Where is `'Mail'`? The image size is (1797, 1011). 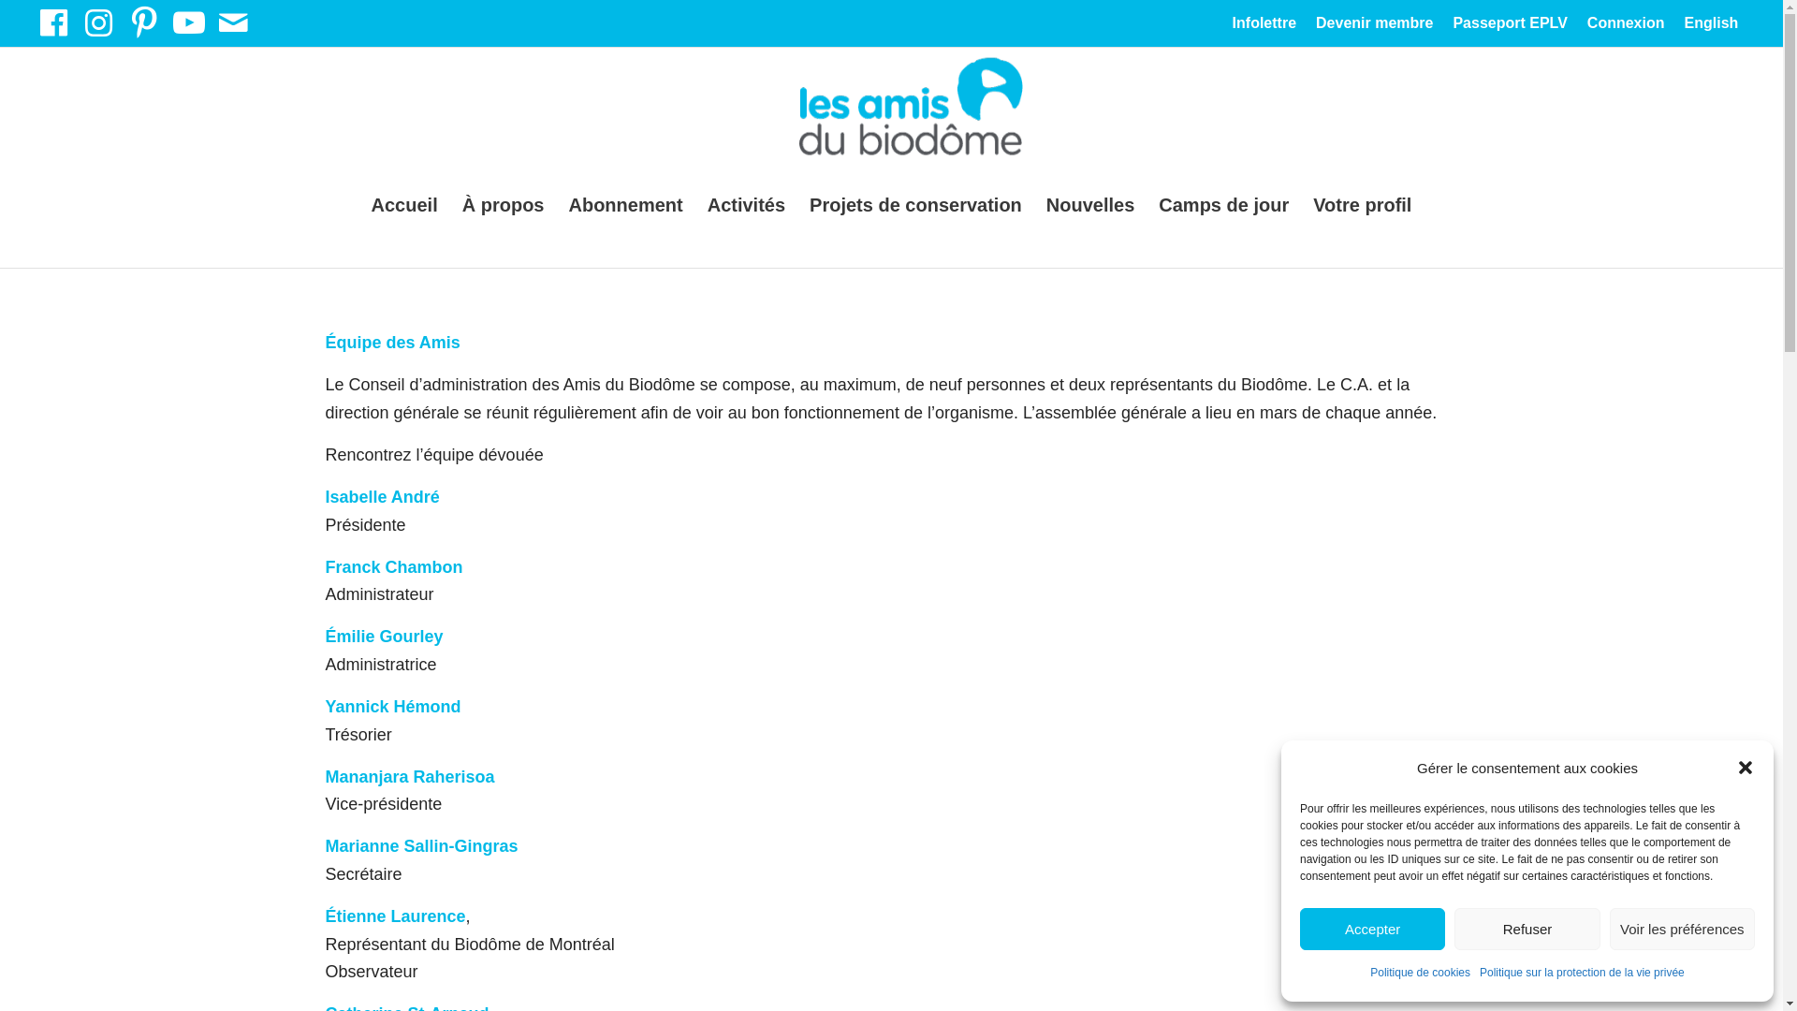 'Mail' is located at coordinates (232, 22).